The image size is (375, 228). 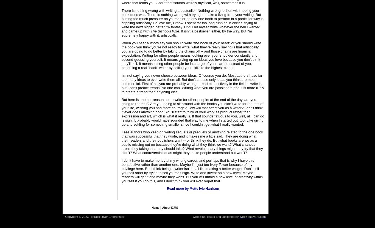 I want to click on 'There is nothing wrong with writing a bestseller. Nothing wrong, either, with
hoping your book does well. There is nothing wrong with trying to make a living
from your writing. But putting too much pressure on yourself or on any one book
to perform in a particular way is crippling artistically. Believe me, I know. I spent
far too long running in circles, trying to write the next bigger, better YA fantasy.
Until I let myself write whatever the hell I wanted and came up with', so click(x=192, y=21).